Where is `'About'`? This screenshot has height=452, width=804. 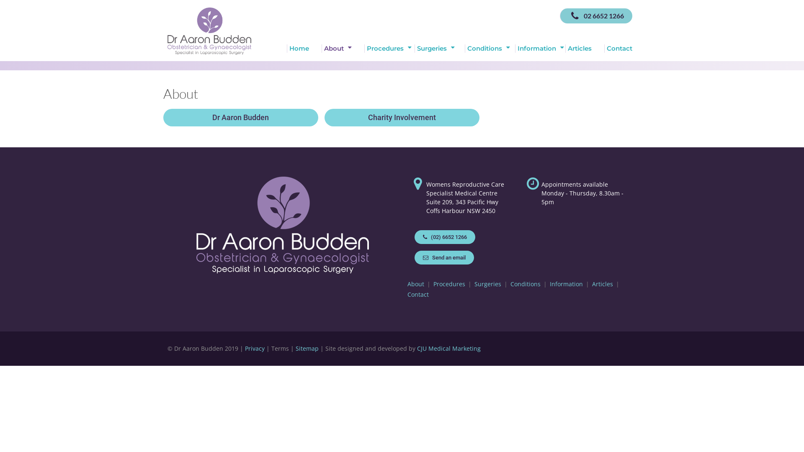 'About' is located at coordinates (416, 283).